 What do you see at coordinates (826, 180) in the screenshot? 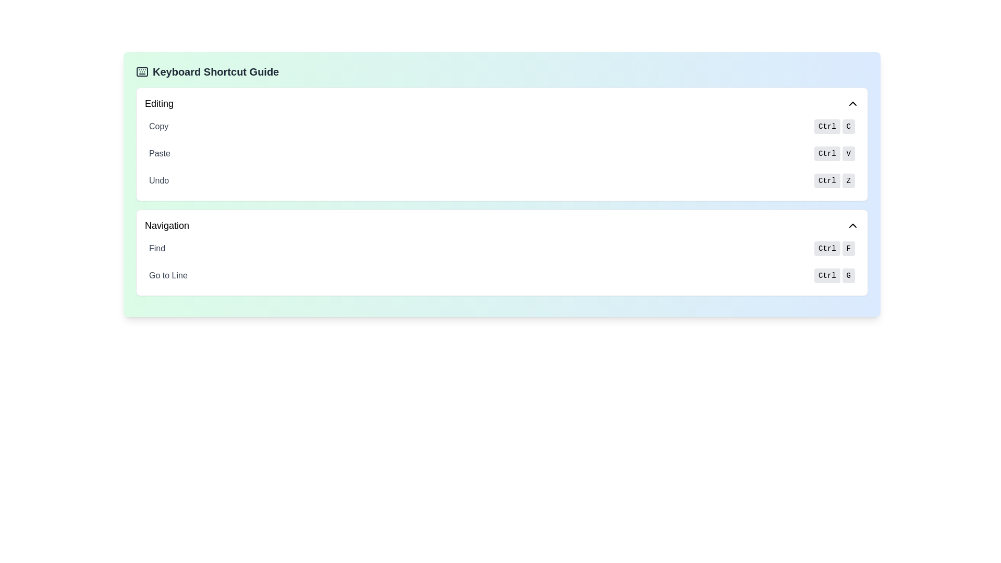
I see `text 'Ctrl' from the leftmost button-like label in the 'Undo' row under the 'Editing' section of the 'Keyboard Shortcut Guide' panel` at bounding box center [826, 180].